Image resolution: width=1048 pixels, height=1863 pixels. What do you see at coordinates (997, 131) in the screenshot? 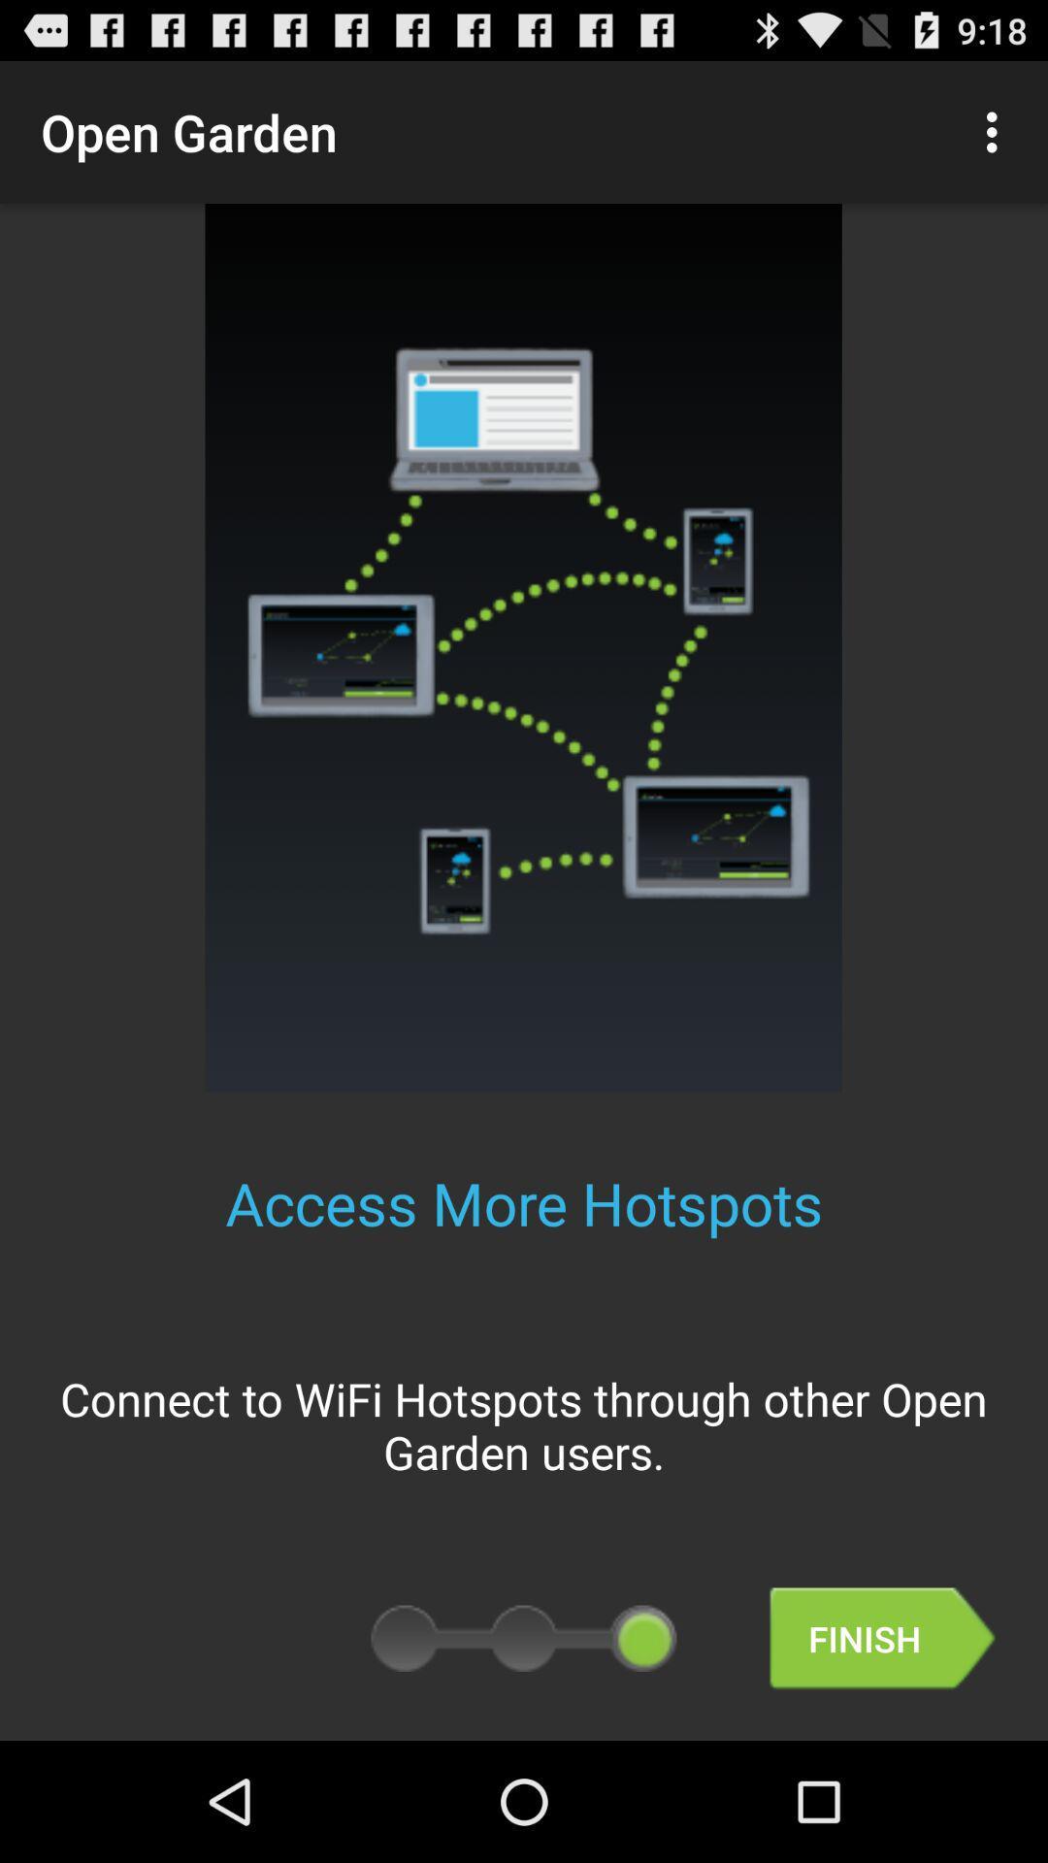
I see `the icon at the top right corner` at bounding box center [997, 131].